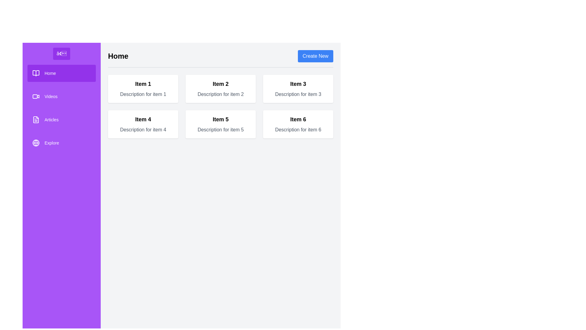 This screenshot has width=586, height=330. Describe the element at coordinates (36, 96) in the screenshot. I see `the video icon, which is a minimalistic rectangle with a play symbol, located in the purple sidebar as the second item in the vertical navigation menu` at that location.